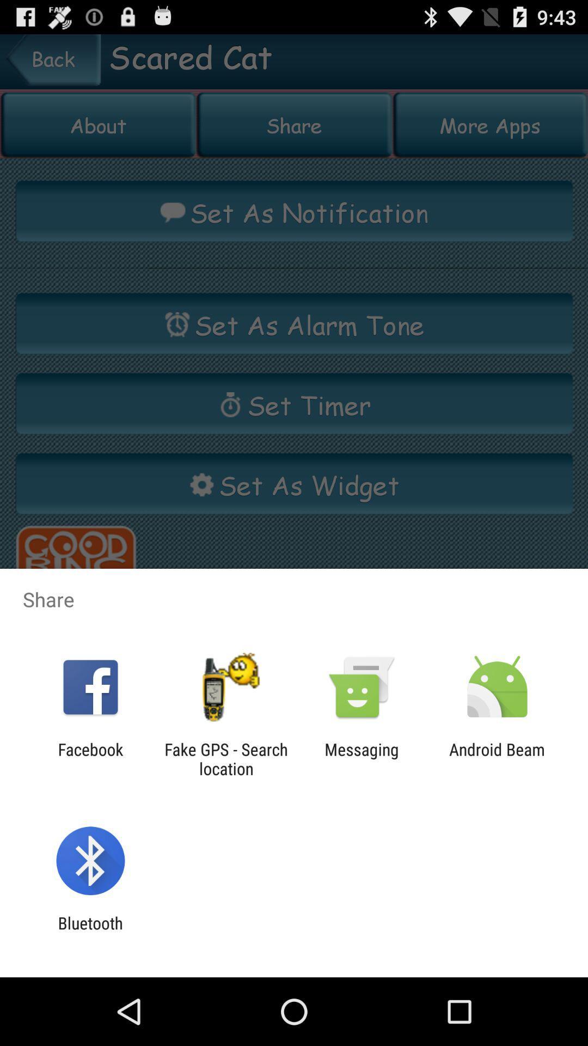  I want to click on android beam item, so click(497, 758).